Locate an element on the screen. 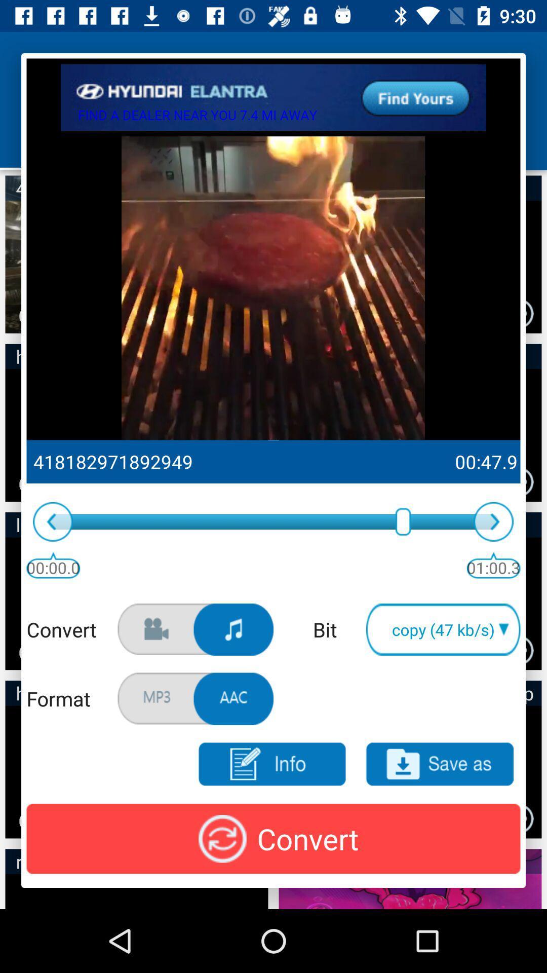  shows hyundai elantra option is located at coordinates (273, 97).